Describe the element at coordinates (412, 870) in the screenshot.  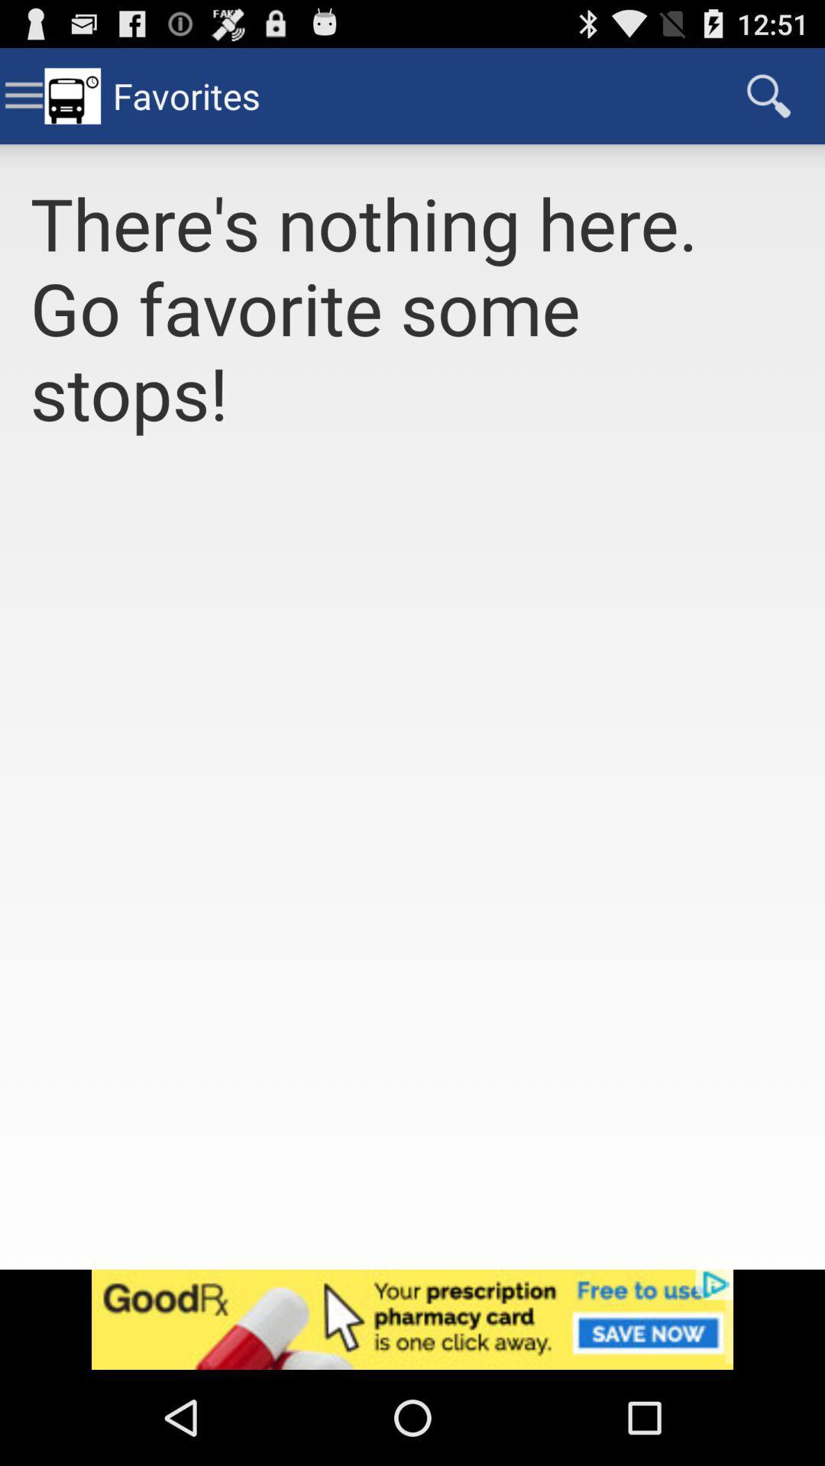
I see `emty page` at that location.